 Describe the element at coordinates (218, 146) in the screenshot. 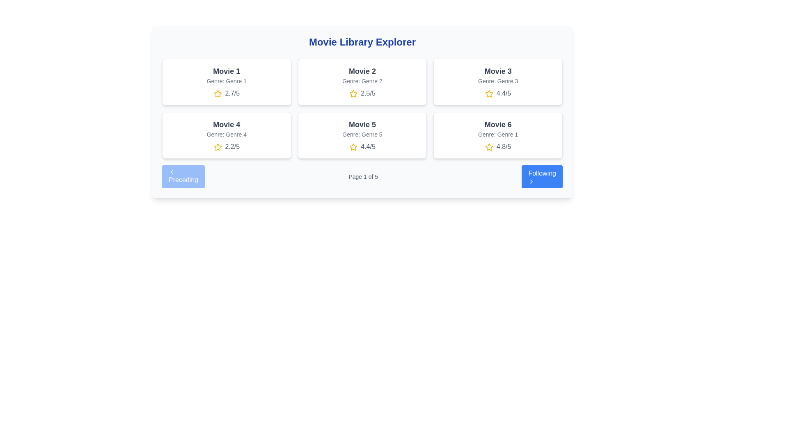

I see `the star icon representing ratings for the movie, which is positioned to the left of the '2.2/5' text and below the 'Movie 4 Genre: Genre 4' header in the movie card grid` at that location.